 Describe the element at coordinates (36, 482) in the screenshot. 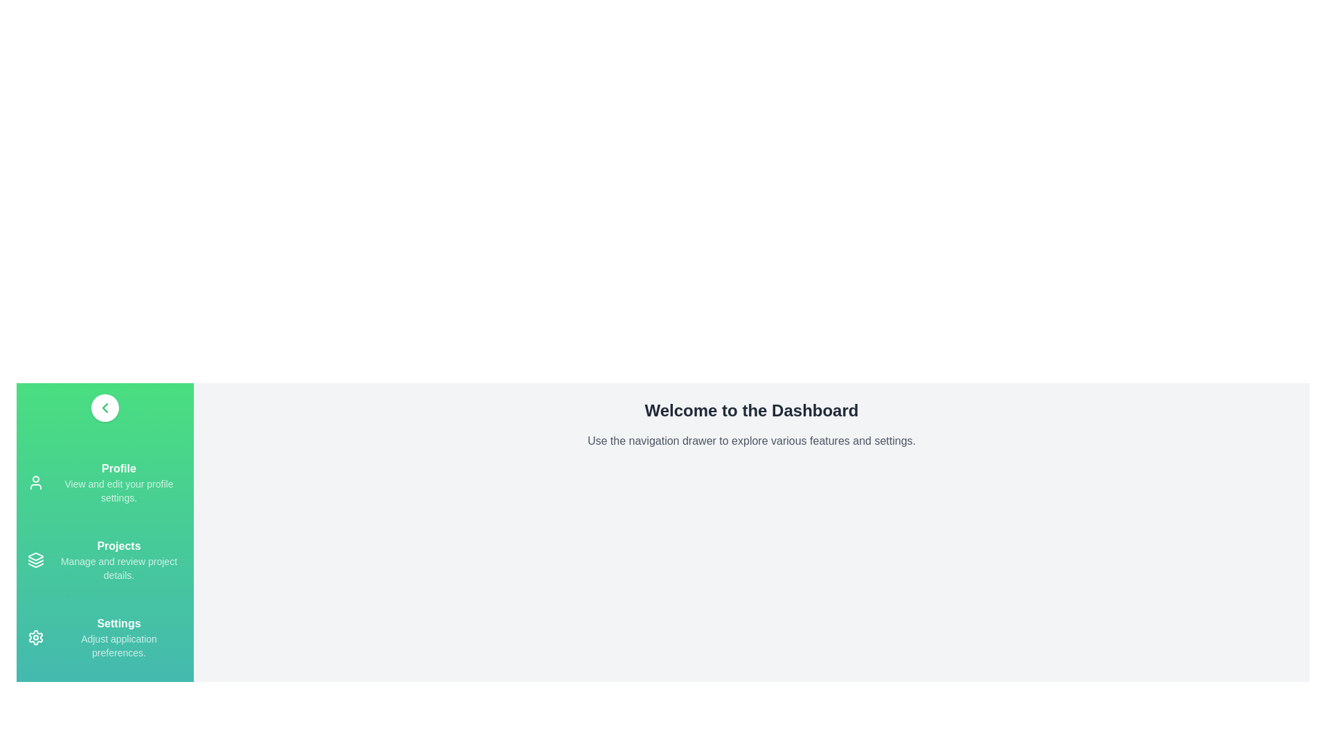

I see `the navigation drawer item Profile` at that location.